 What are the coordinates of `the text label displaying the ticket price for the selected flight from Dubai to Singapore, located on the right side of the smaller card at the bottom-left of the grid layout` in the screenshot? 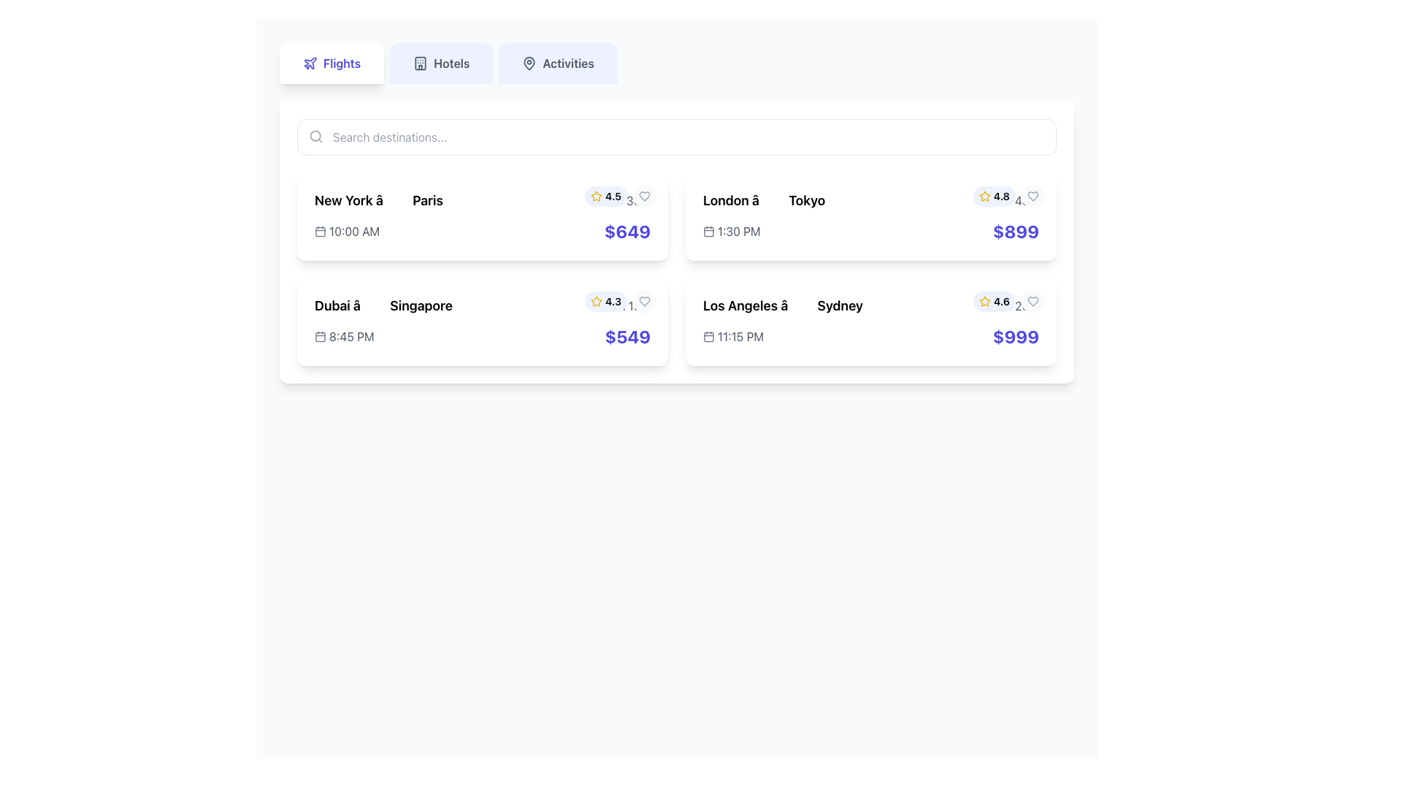 It's located at (627, 337).